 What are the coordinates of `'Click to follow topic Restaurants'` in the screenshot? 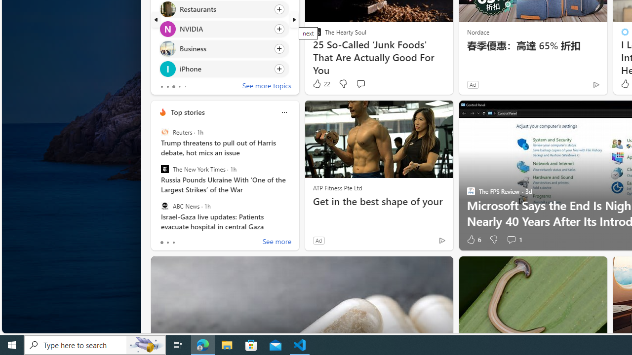 It's located at (223, 9).